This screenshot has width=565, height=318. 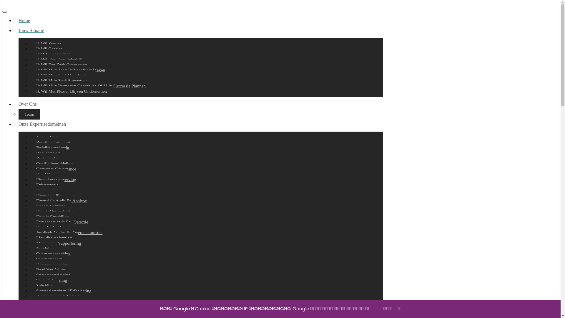 I want to click on 'Exitstrategie', so click(x=47, y=185).